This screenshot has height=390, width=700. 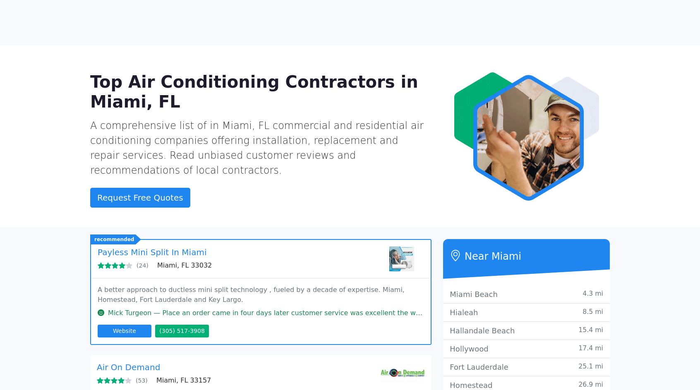 What do you see at coordinates (97, 333) in the screenshot?
I see `'Situated in Miami, Archon Air Management has been delivering South Florida with the best in air conditioning, heating, and ventilation services. We are an HVAC contractor that proudly serves commercial & domestic clients in Miami-Dade, Broward, Palm Beach and Monroe County. We provide every service from sales to repair to installation to meet our clients' requirements.'` at bounding box center [97, 333].